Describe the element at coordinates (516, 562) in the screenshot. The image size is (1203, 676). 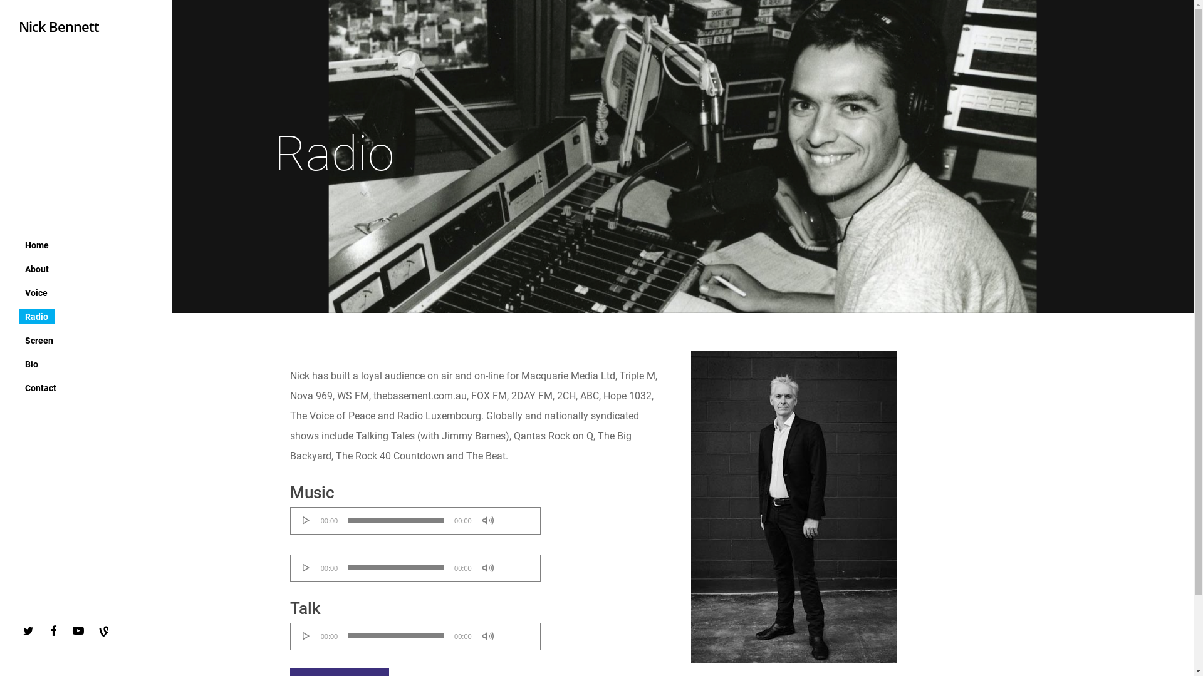
I see `'Use Up/Down Arrow keys to increase or decrease volume.'` at that location.